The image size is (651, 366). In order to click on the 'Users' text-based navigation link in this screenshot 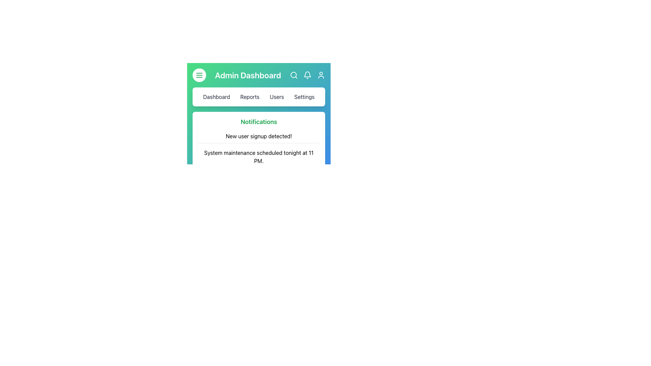, I will do `click(277, 97)`.